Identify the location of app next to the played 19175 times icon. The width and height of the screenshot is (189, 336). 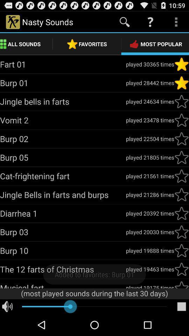
(63, 285).